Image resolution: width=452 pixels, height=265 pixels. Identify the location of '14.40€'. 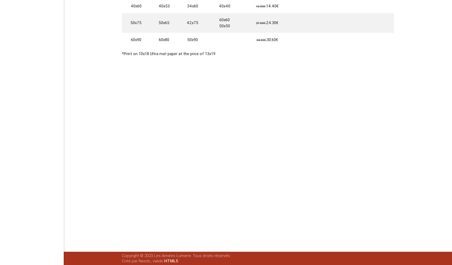
(272, 6).